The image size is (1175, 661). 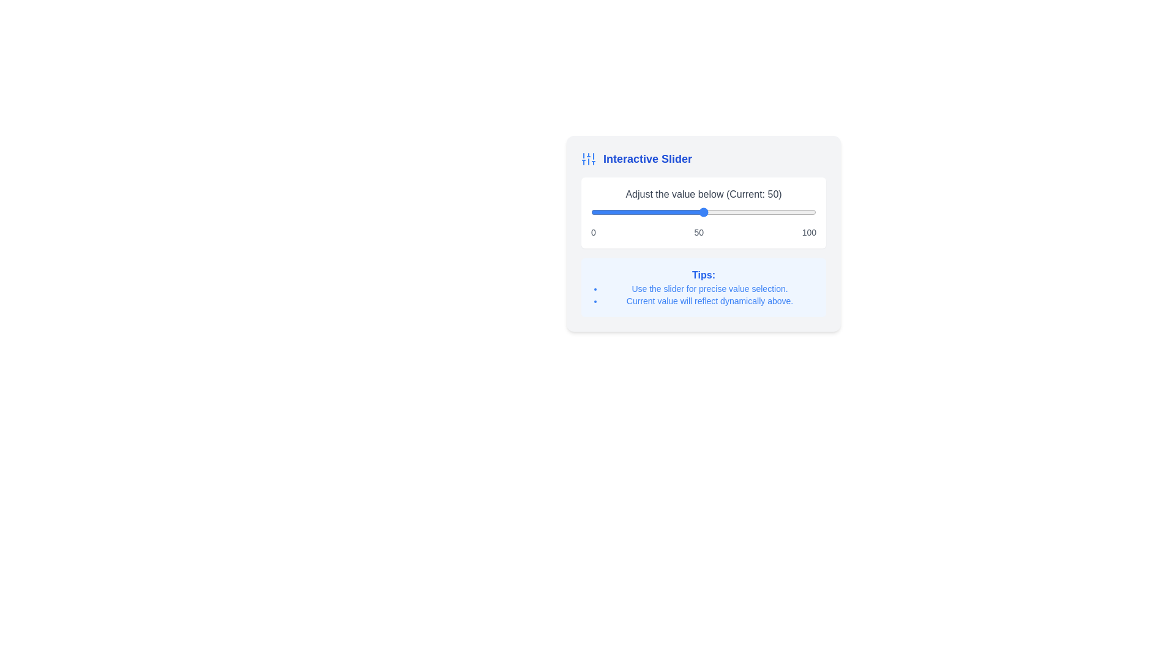 I want to click on the slider value, so click(x=711, y=212).